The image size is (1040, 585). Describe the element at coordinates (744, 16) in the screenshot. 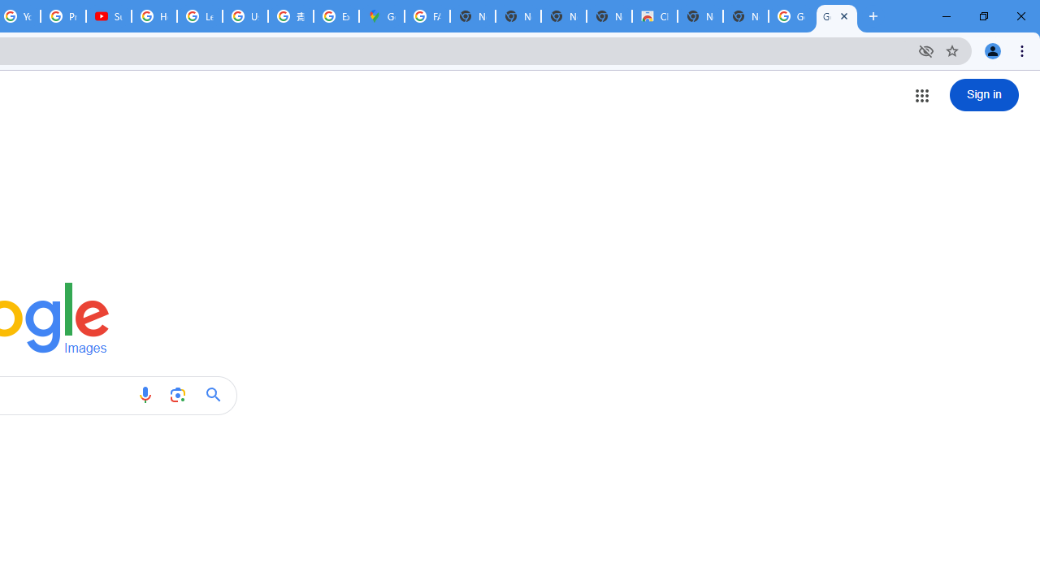

I see `'New Tab'` at that location.